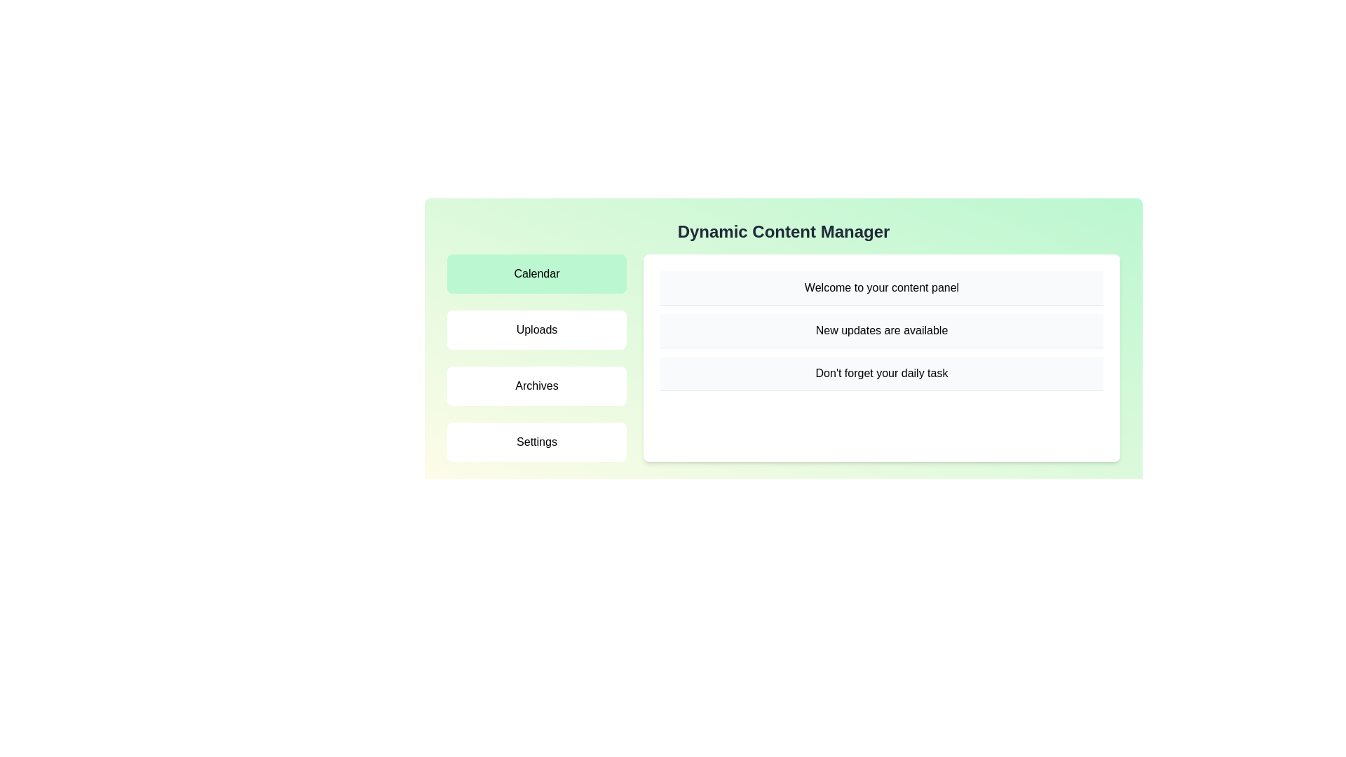 The height and width of the screenshot is (757, 1346). I want to click on the menu item labeled 'Settings' to switch to its respective panel, so click(536, 442).